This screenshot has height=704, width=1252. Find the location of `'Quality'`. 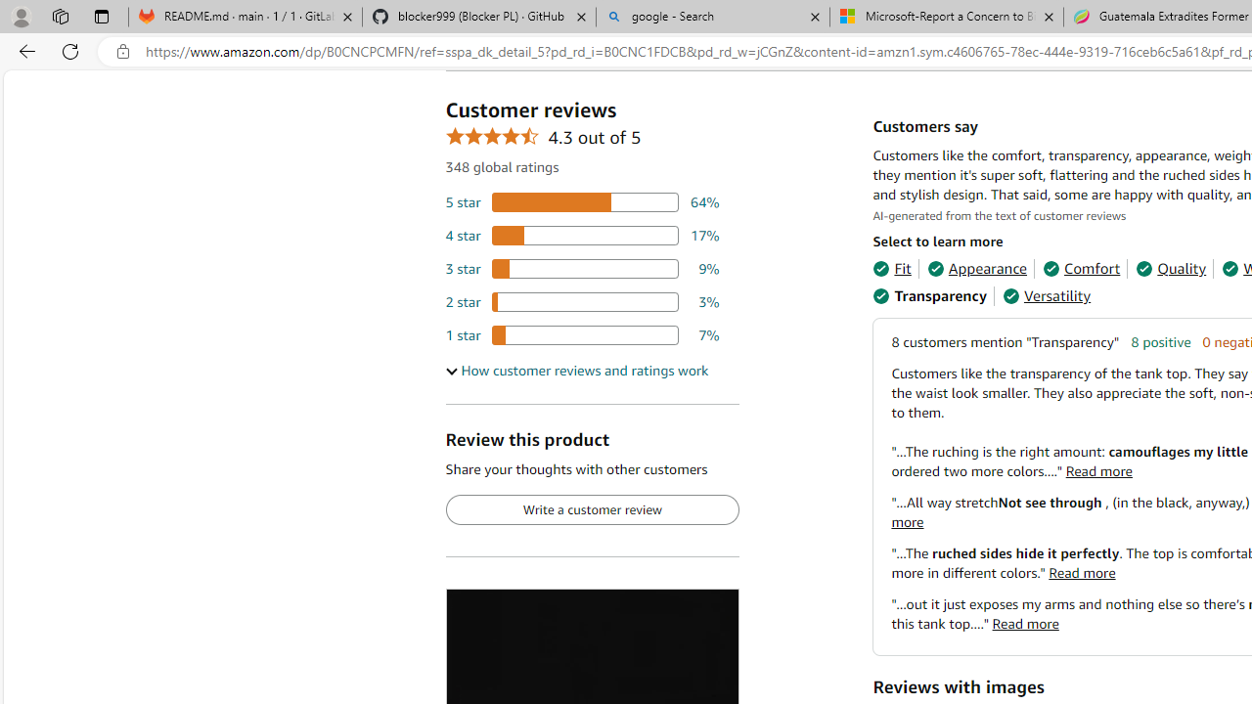

'Quality' is located at coordinates (1171, 269).